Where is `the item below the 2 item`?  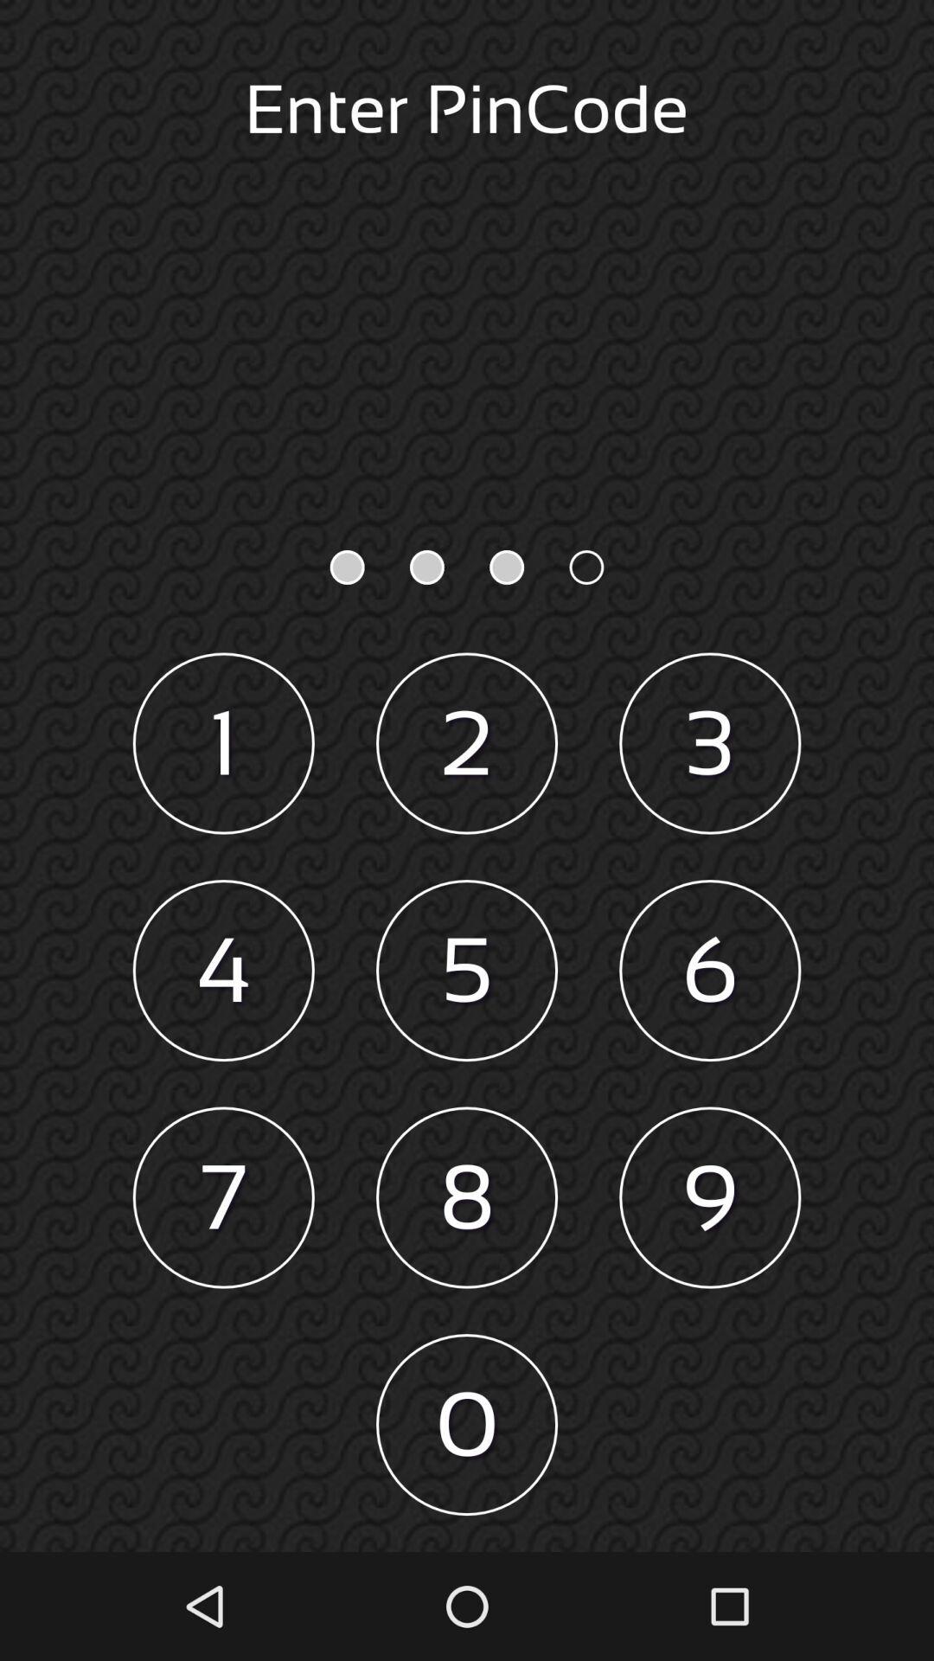 the item below the 2 item is located at coordinates (467, 971).